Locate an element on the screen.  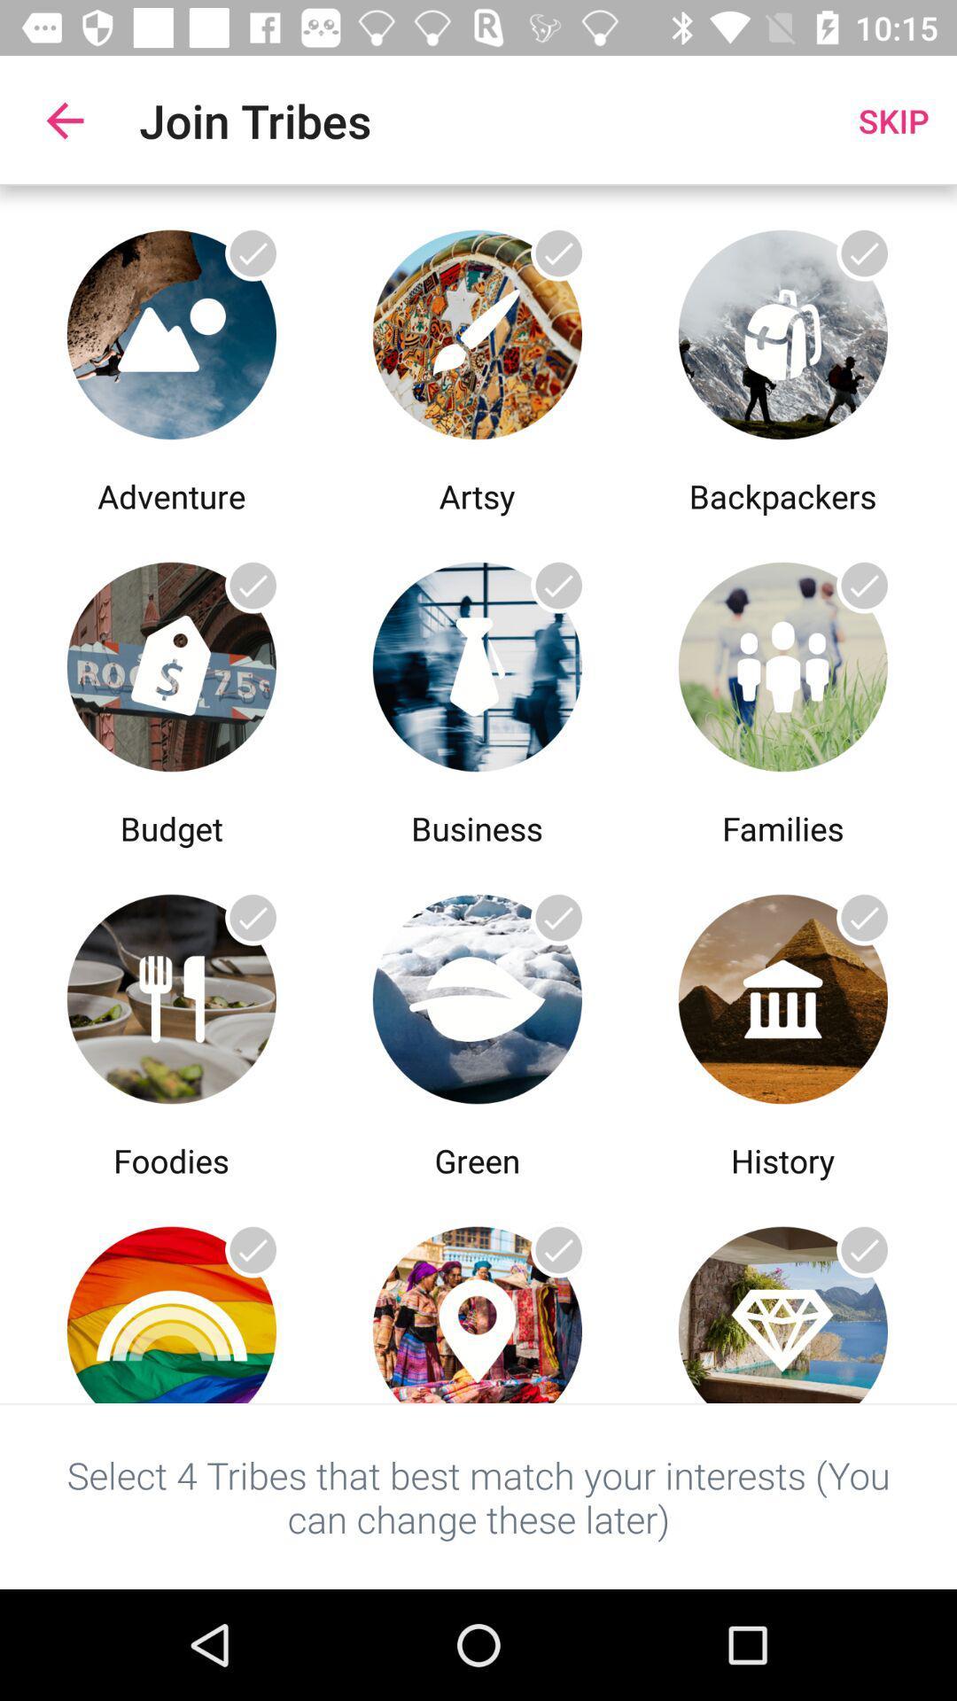
join budget tribe is located at coordinates (171, 661).